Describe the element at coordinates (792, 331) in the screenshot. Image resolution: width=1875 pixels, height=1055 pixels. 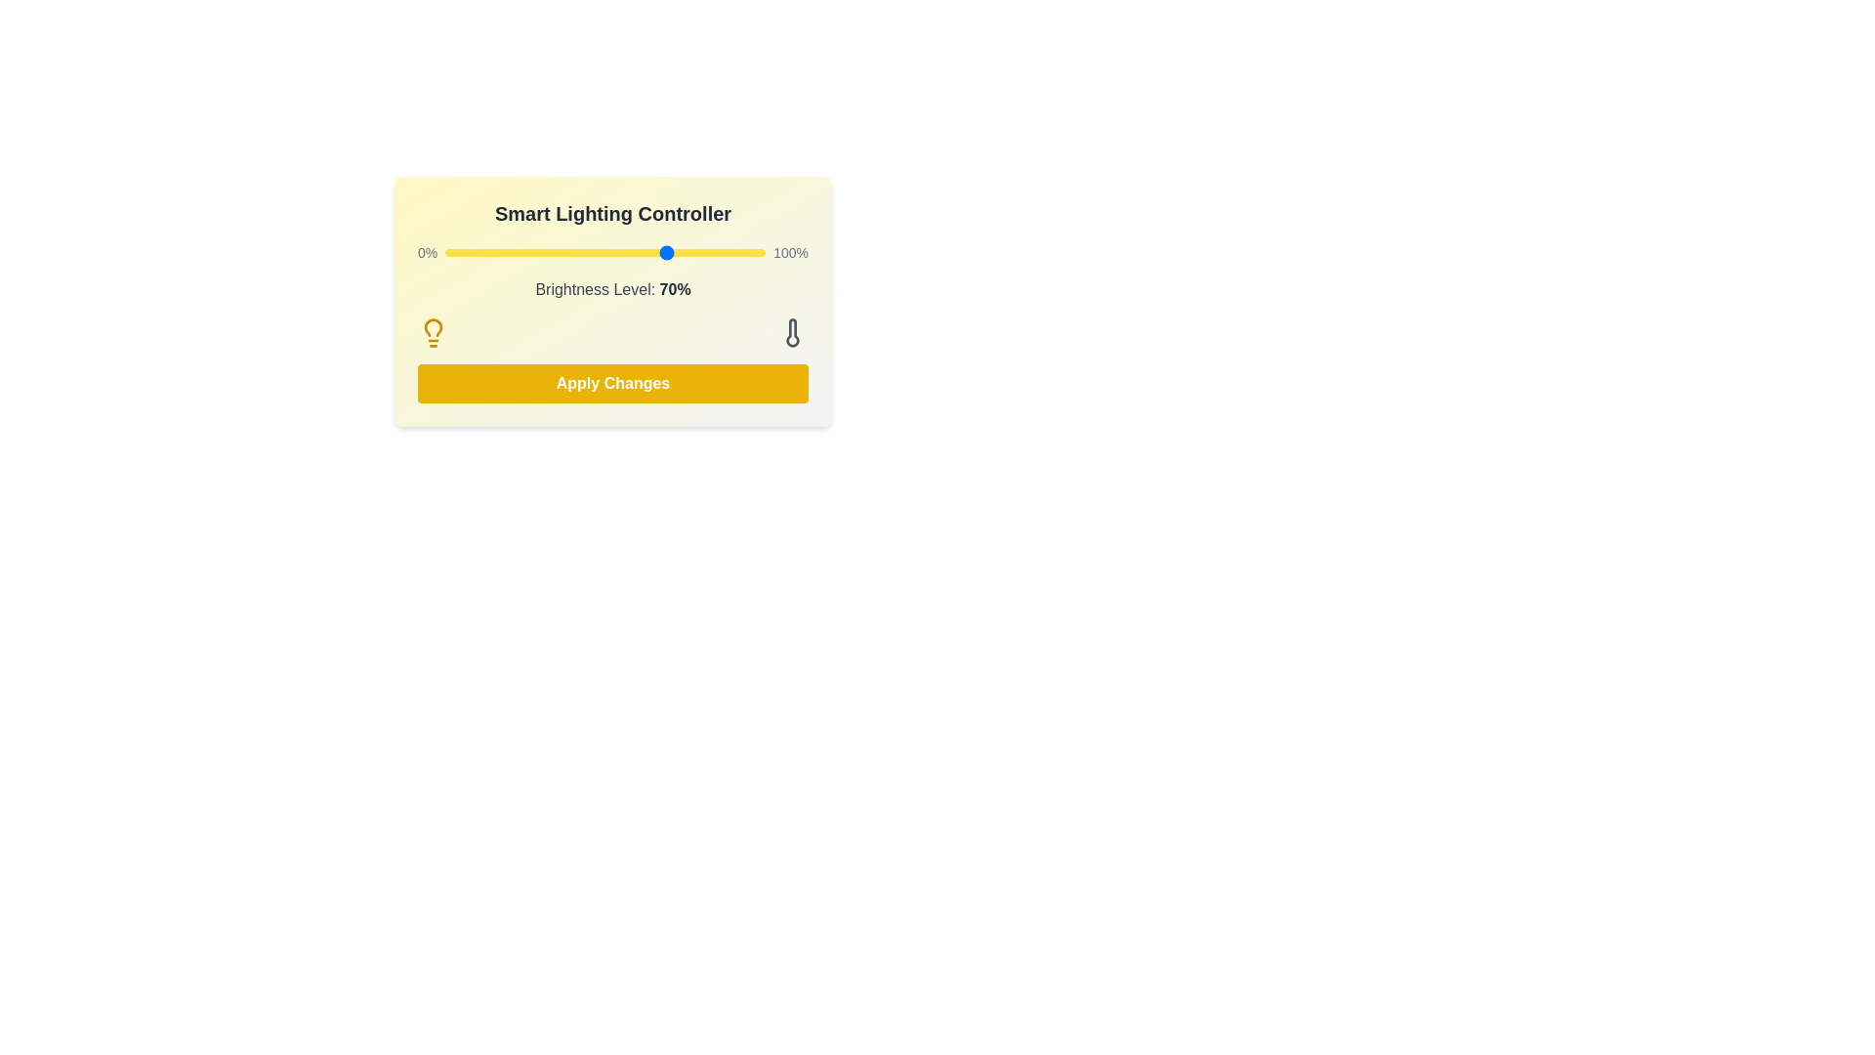
I see `the thermometer icon to explore its visual feedback` at that location.